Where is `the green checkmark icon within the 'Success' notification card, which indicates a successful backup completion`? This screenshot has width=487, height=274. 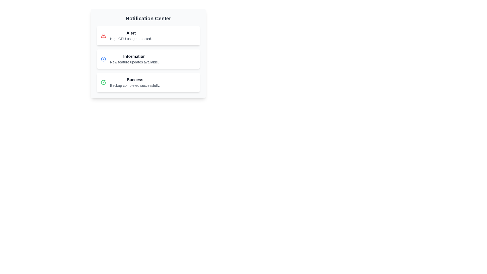 the green checkmark icon within the 'Success' notification card, which indicates a successful backup completion is located at coordinates (103, 82).